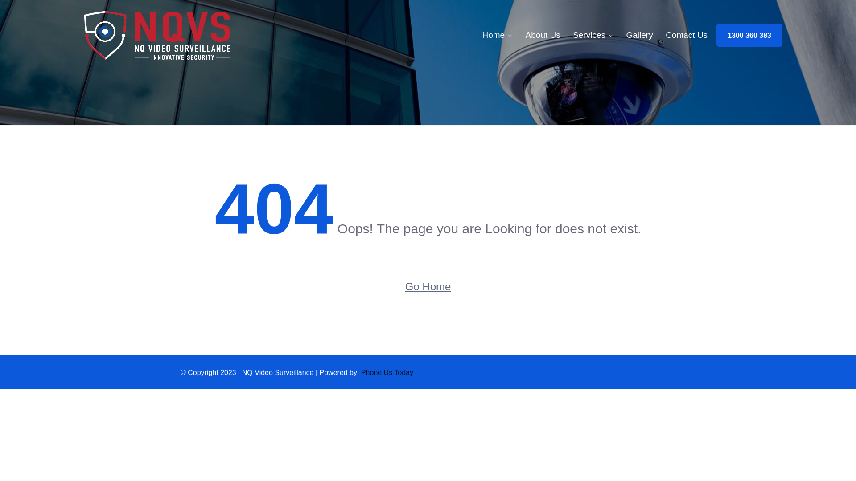  Describe the element at coordinates (686, 34) in the screenshot. I see `'Contact Us'` at that location.